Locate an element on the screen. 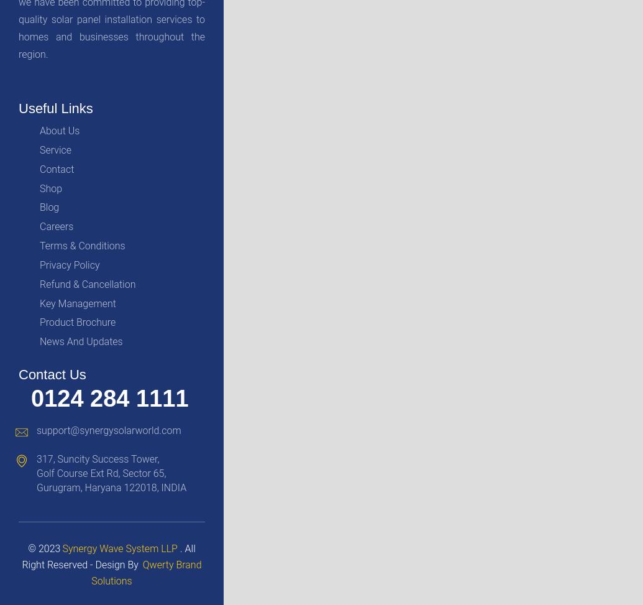 The width and height of the screenshot is (643, 605). 'Product Brochure' is located at coordinates (78, 321).